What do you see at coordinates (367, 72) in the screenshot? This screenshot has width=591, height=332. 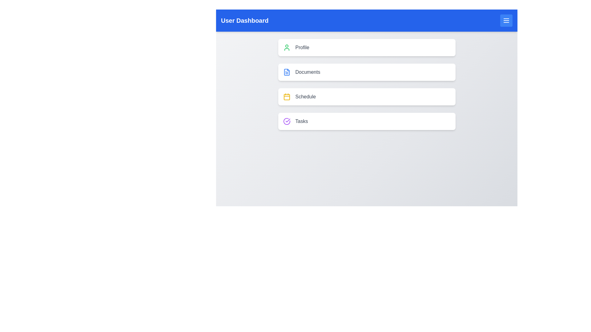 I see `the menu item Documents` at bounding box center [367, 72].